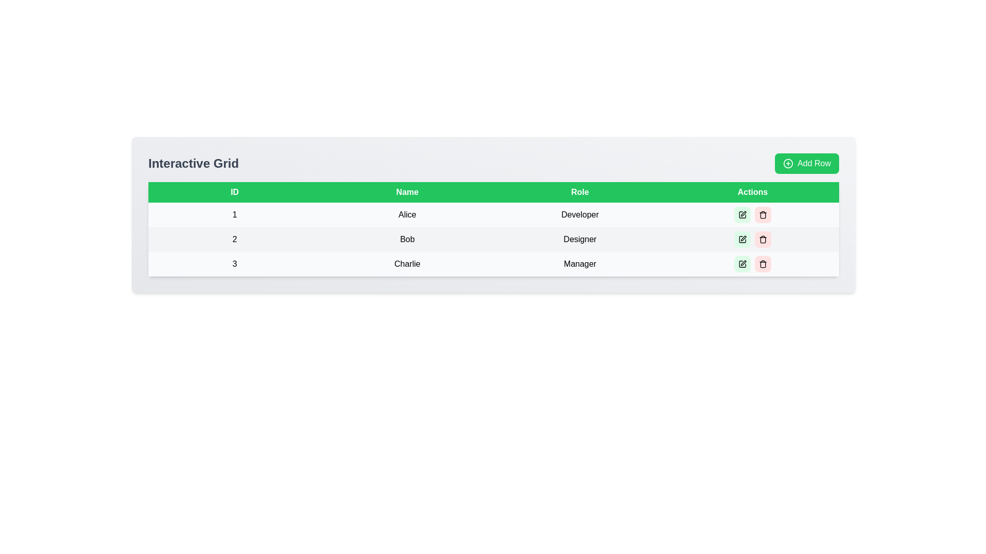  What do you see at coordinates (763, 214) in the screenshot?
I see `the small, square button with rounded corners featuring a trash can icon, located in the 'Actions' column of the first row of the interactive grid, to the right of the green 'edit' button` at bounding box center [763, 214].